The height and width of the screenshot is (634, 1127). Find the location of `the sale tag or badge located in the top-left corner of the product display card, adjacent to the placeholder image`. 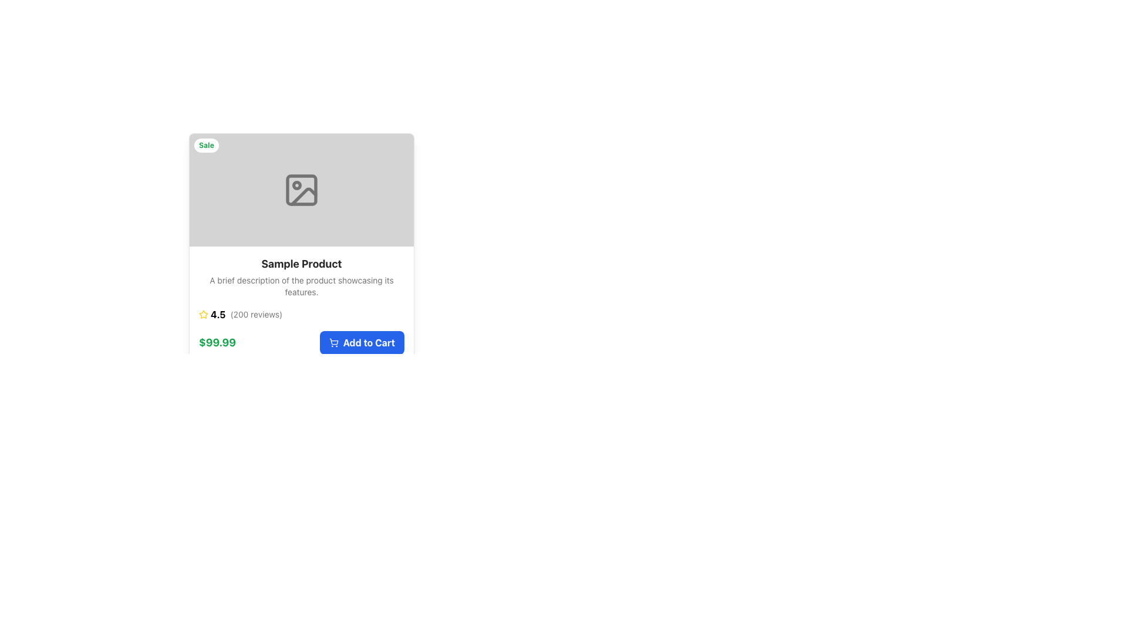

the sale tag or badge located in the top-left corner of the product display card, adjacent to the placeholder image is located at coordinates (206, 144).